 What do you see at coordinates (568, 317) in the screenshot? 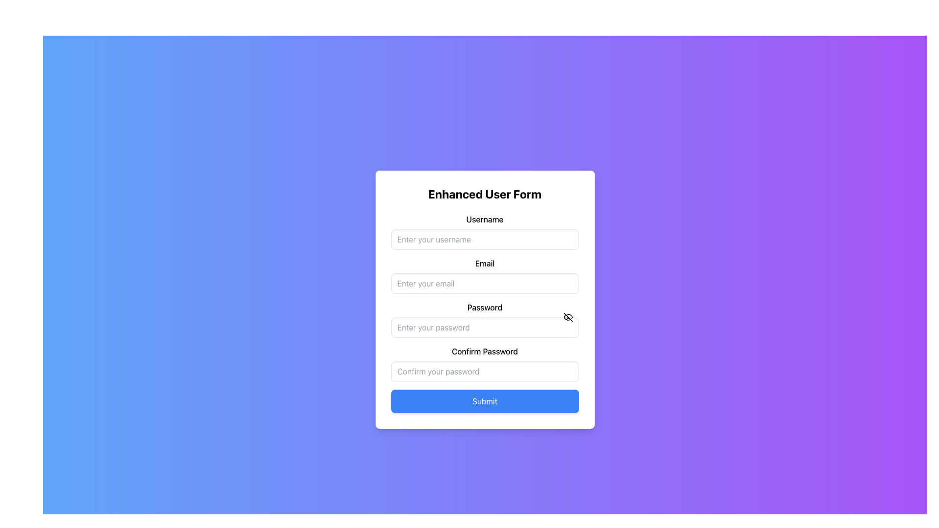
I see `the eye-off icon button that toggles the visibility of the password in the password input field, located to the right of the 'Enter your password' text field` at bounding box center [568, 317].